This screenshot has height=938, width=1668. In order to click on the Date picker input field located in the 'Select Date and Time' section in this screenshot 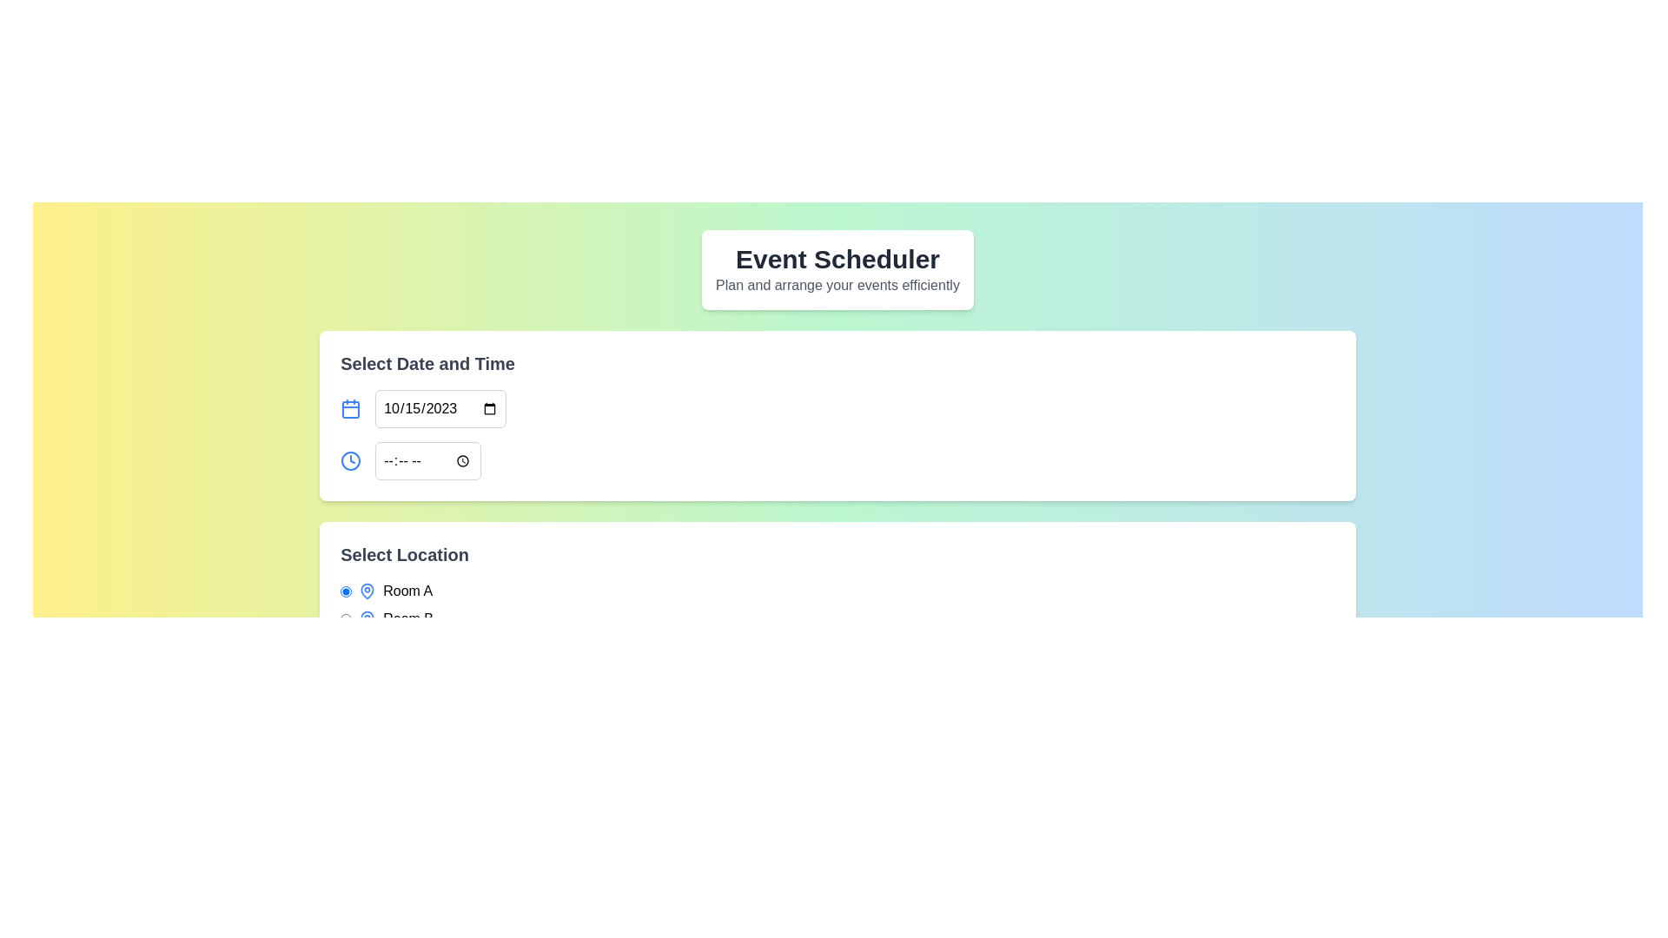, I will do `click(440, 408)`.